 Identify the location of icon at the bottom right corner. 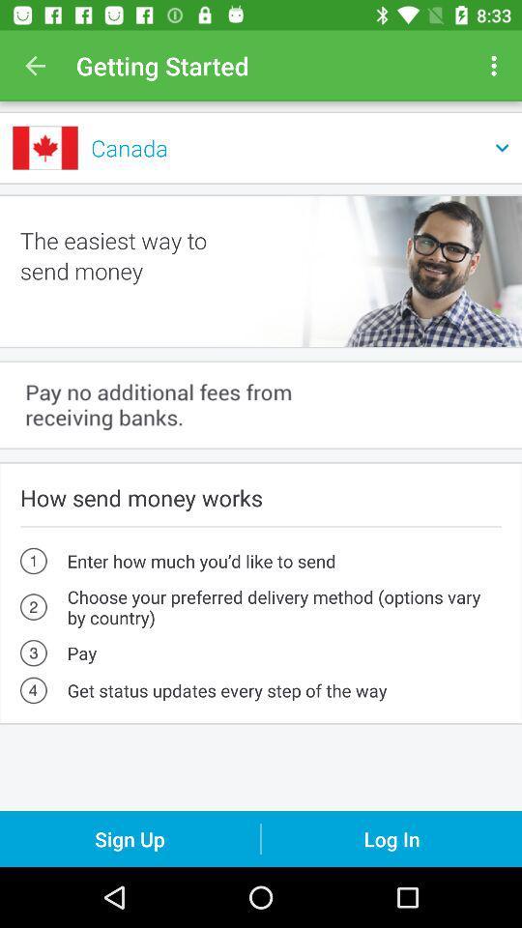
(391, 838).